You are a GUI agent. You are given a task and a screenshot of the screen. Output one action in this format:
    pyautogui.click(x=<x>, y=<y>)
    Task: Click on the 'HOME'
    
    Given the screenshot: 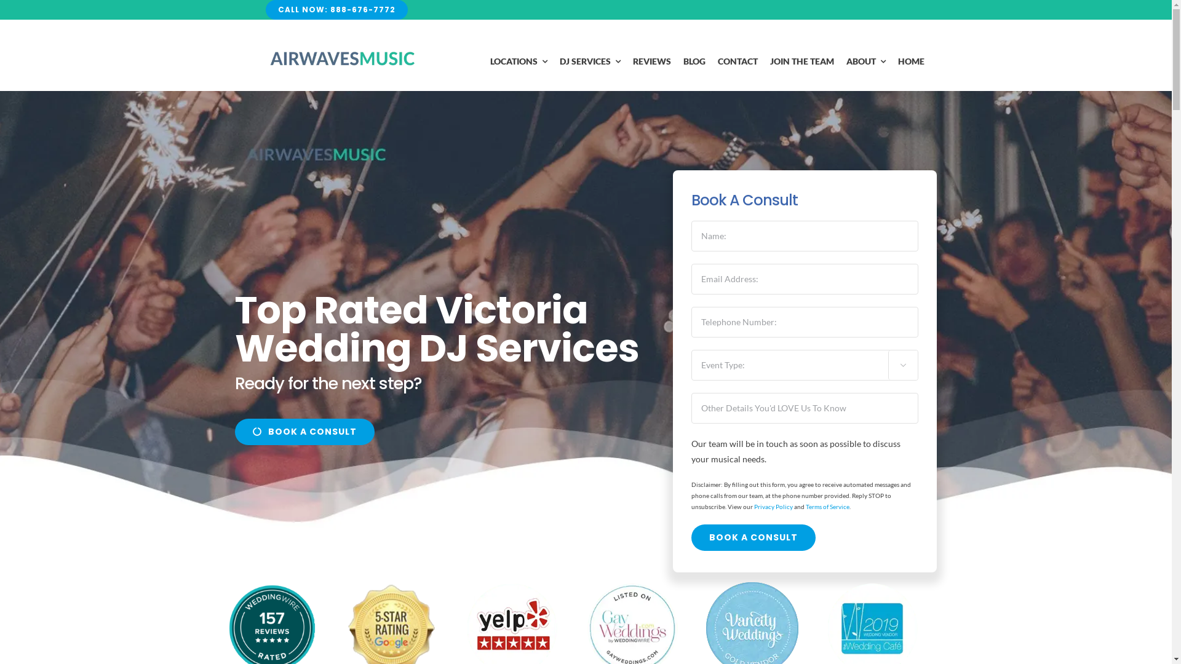 What is the action you would take?
    pyautogui.click(x=897, y=61)
    